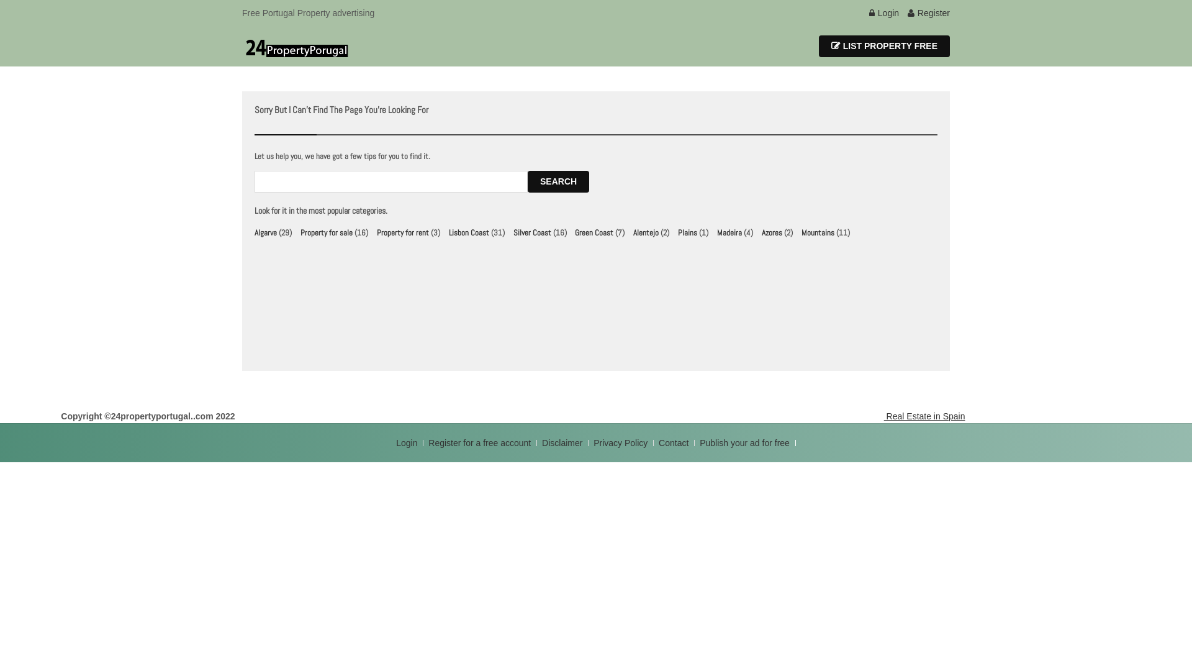 This screenshot has height=671, width=1192. Describe the element at coordinates (818, 232) in the screenshot. I see `'Mountains'` at that location.